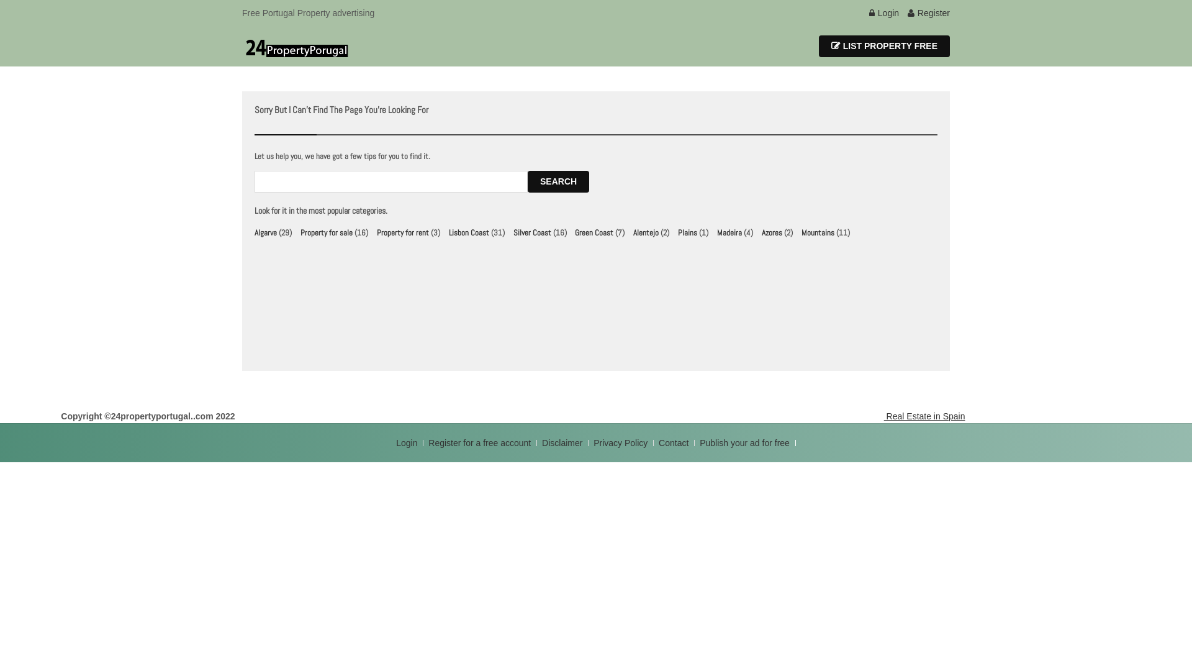 This screenshot has height=671, width=1192. Describe the element at coordinates (818, 232) in the screenshot. I see `'Mountains'` at that location.